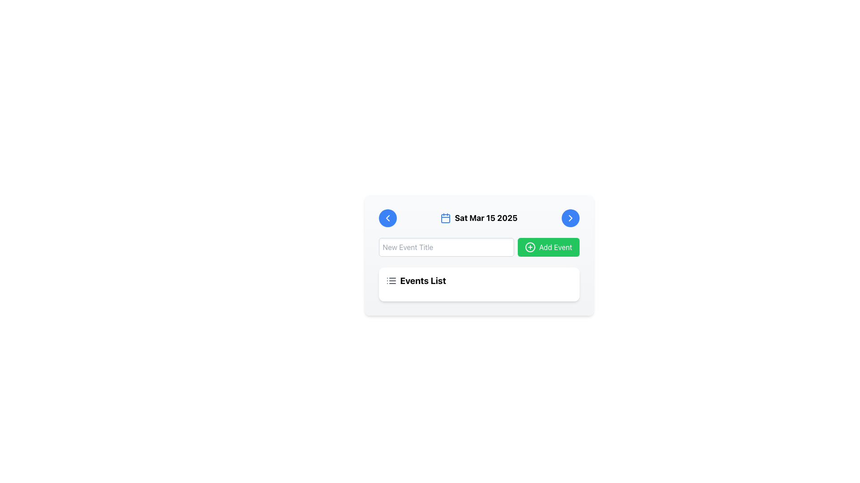 The height and width of the screenshot is (483, 860). Describe the element at coordinates (486, 218) in the screenshot. I see `the date display text element located to the right of the blue calendar icon in the upper central part of the interface to trigger a tooltip or additional information` at that location.